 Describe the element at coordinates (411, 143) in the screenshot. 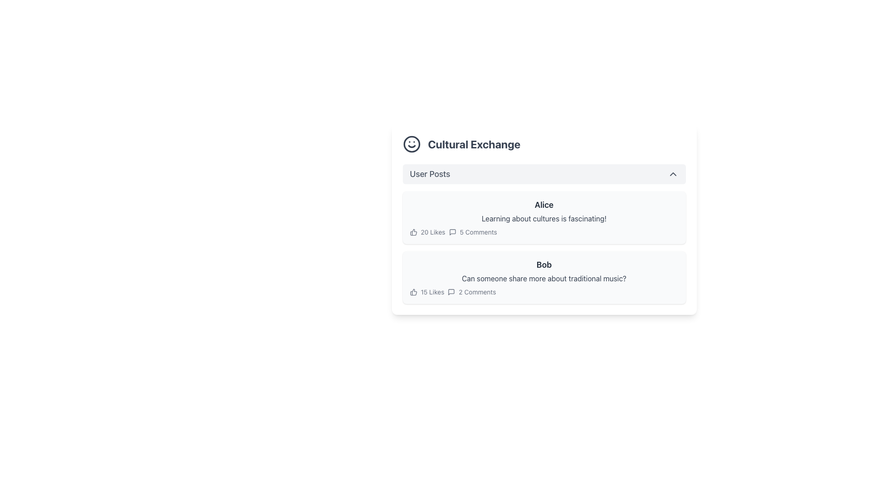

I see `SVG circle graphical element representing a smiley face icon located in the top-left corner of the 'Cultural Exchange' header section by opening developer tools` at that location.